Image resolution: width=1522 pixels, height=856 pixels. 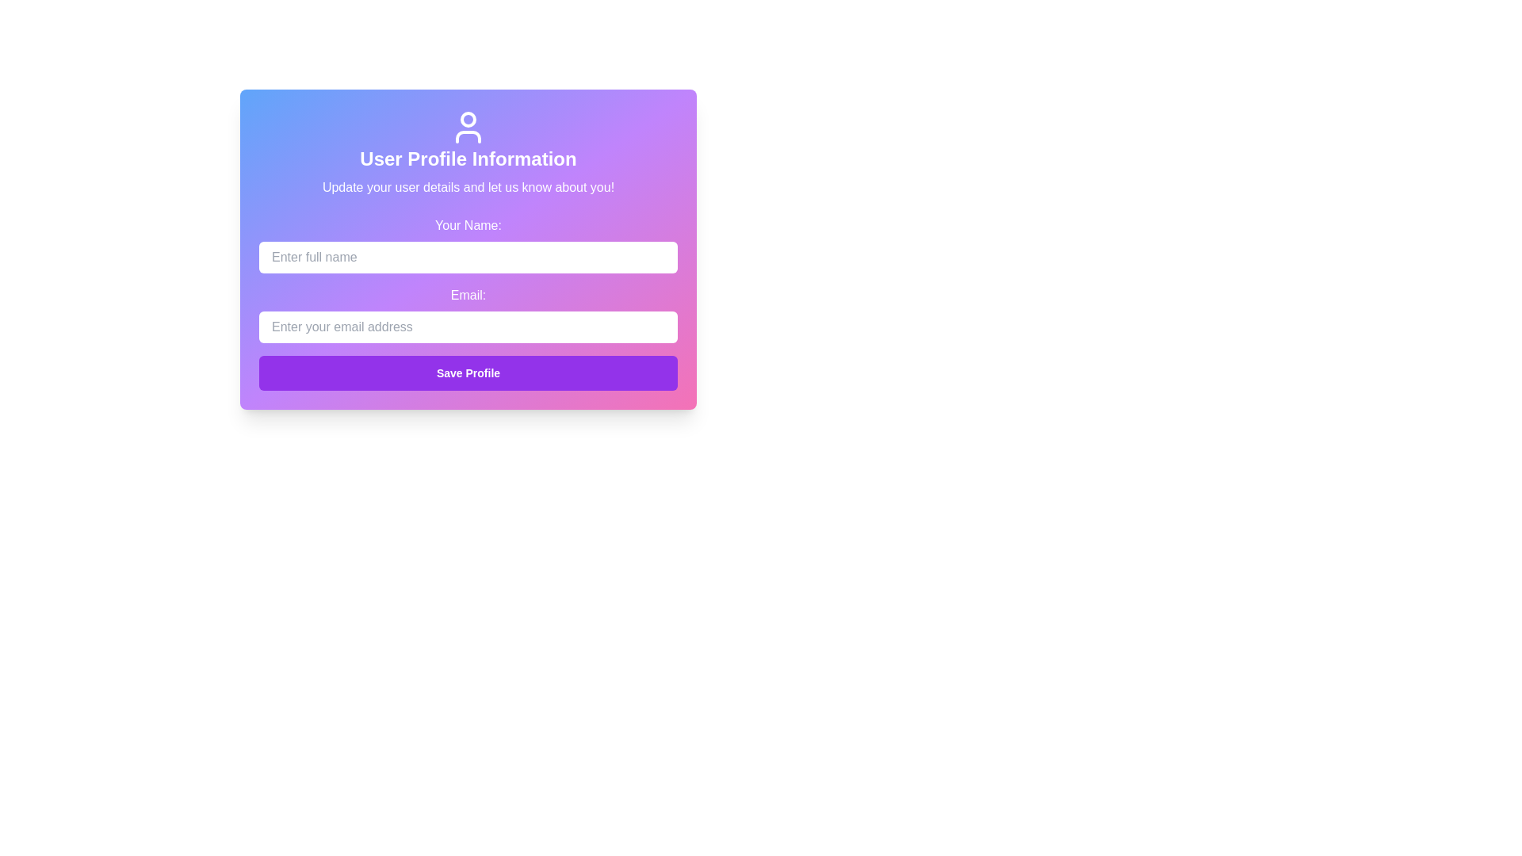 What do you see at coordinates (467, 186) in the screenshot?
I see `the text label providing guidance for the user profile form, located below the heading 'User Profile Information'` at bounding box center [467, 186].